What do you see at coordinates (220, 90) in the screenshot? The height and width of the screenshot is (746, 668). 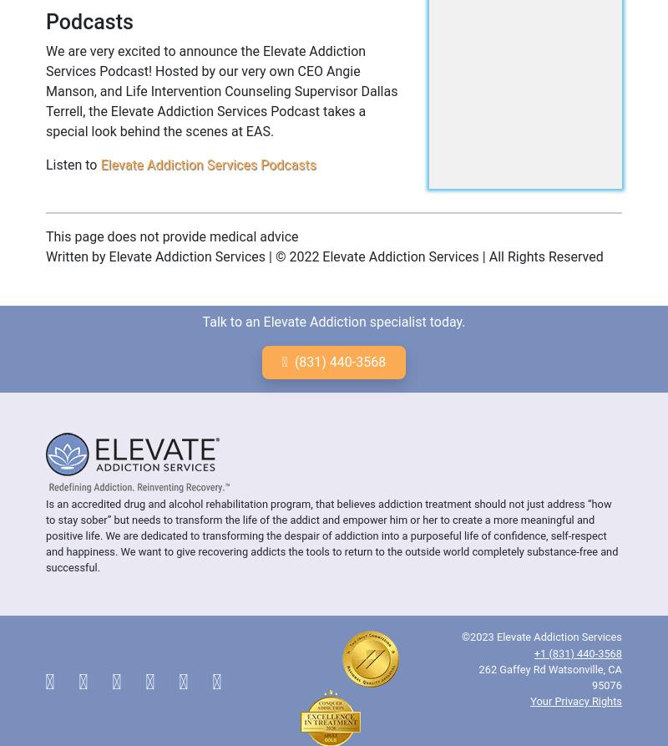 I see `'We are very excited to announce the Elevate Addiction Services Podcast! Hosted by our very own CEO Angie Manson, and Life Intervention Counseling Supervisor Dallas Terrell, the Elevate Addiction Services Podcast takes a special look behind the scenes at EAS.'` at bounding box center [220, 90].